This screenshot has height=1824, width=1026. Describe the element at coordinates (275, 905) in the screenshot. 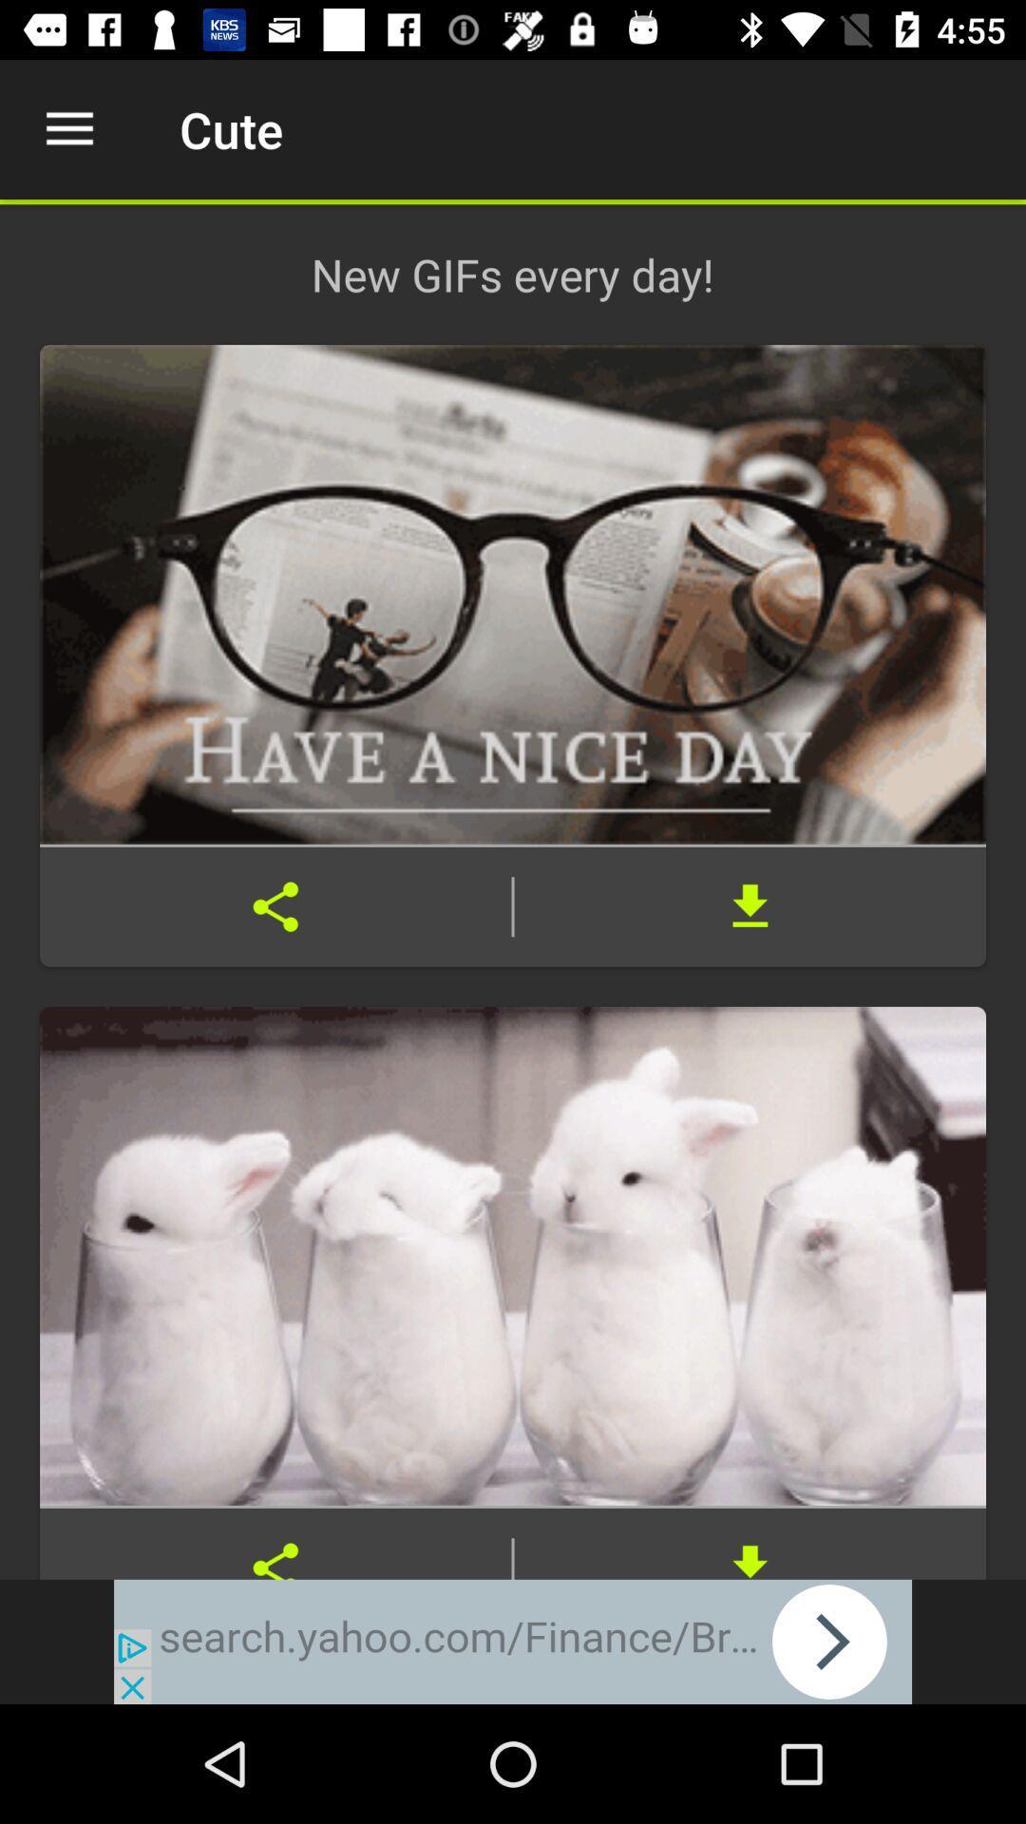

I see `share the article` at that location.